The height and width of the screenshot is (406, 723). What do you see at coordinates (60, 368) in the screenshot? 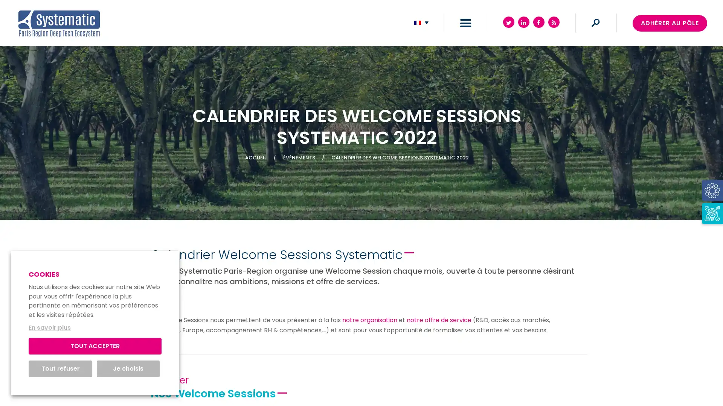
I see `Tout refuser` at bounding box center [60, 368].